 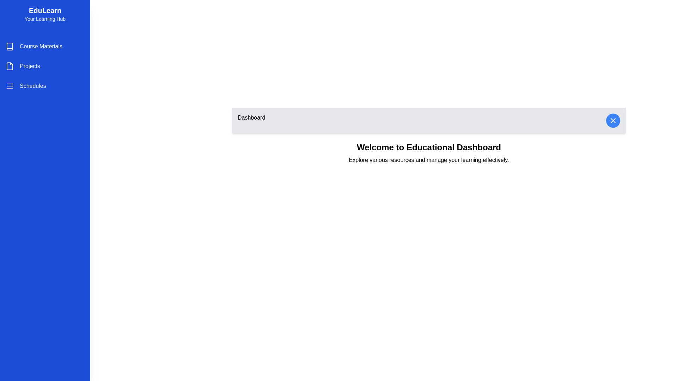 What do you see at coordinates (10, 66) in the screenshot?
I see `the outlined document icon located in the sidebar menu, which is positioned to the left of the 'Projects' text label` at bounding box center [10, 66].